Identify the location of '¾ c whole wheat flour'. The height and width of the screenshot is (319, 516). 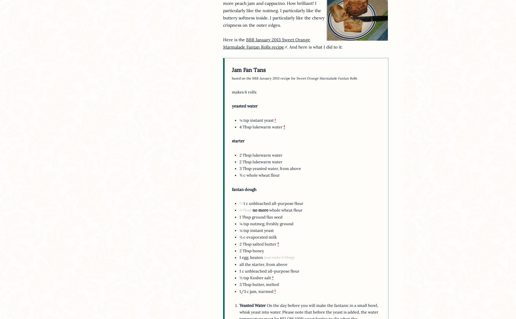
(260, 175).